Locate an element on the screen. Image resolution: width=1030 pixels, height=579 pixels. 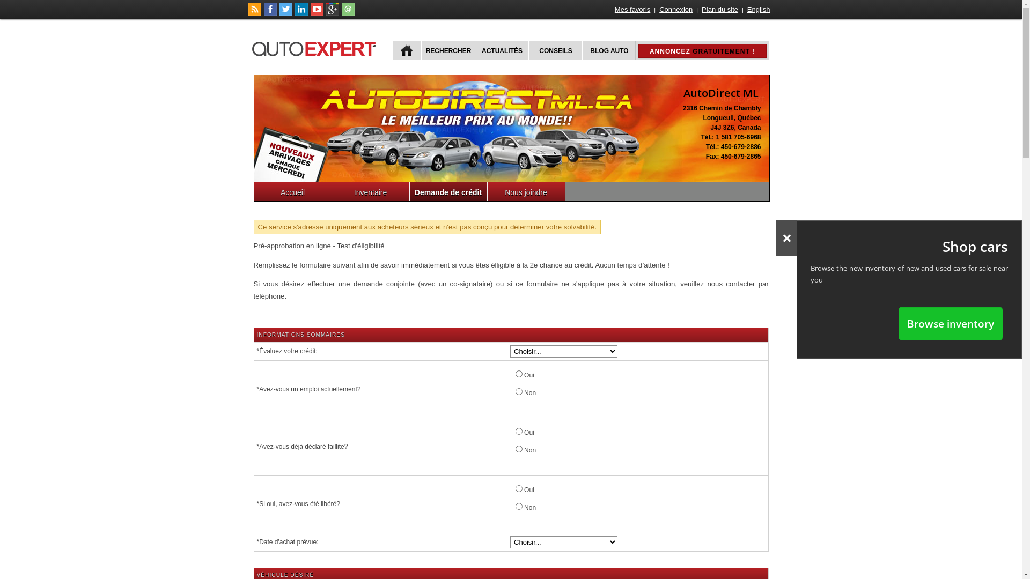
'Suivez autoExpert.ca sur Twitter' is located at coordinates (285, 13).